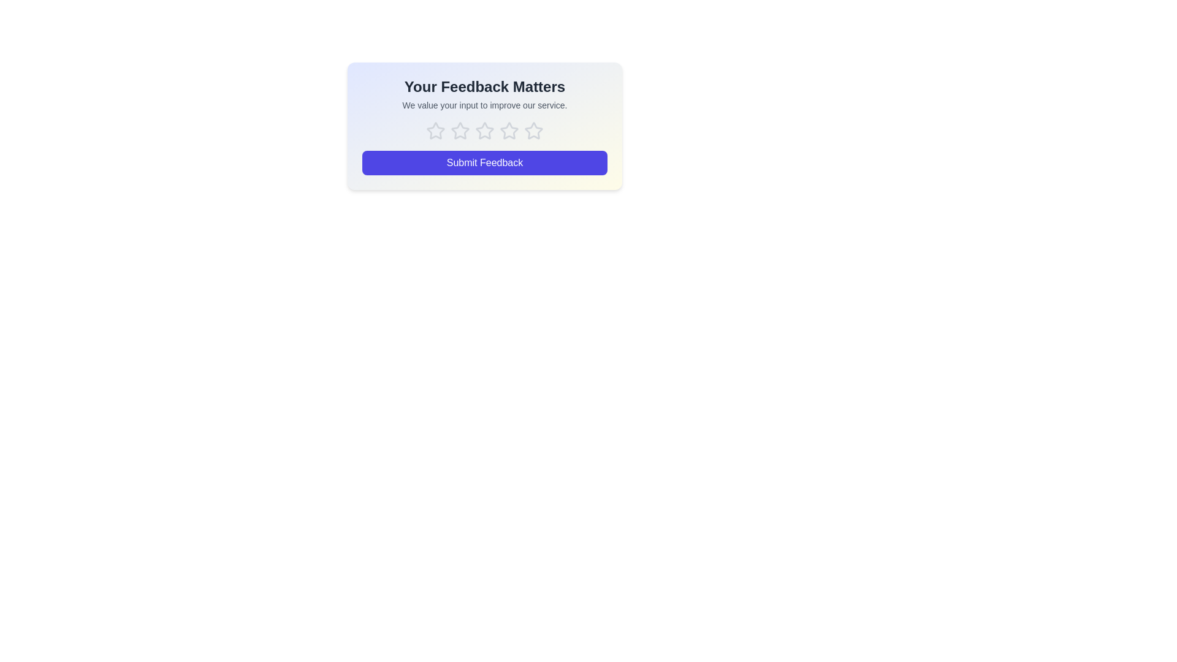 This screenshot has width=1177, height=662. What do you see at coordinates (435, 131) in the screenshot?
I see `the leftmost star icon in the feedback rating UI` at bounding box center [435, 131].